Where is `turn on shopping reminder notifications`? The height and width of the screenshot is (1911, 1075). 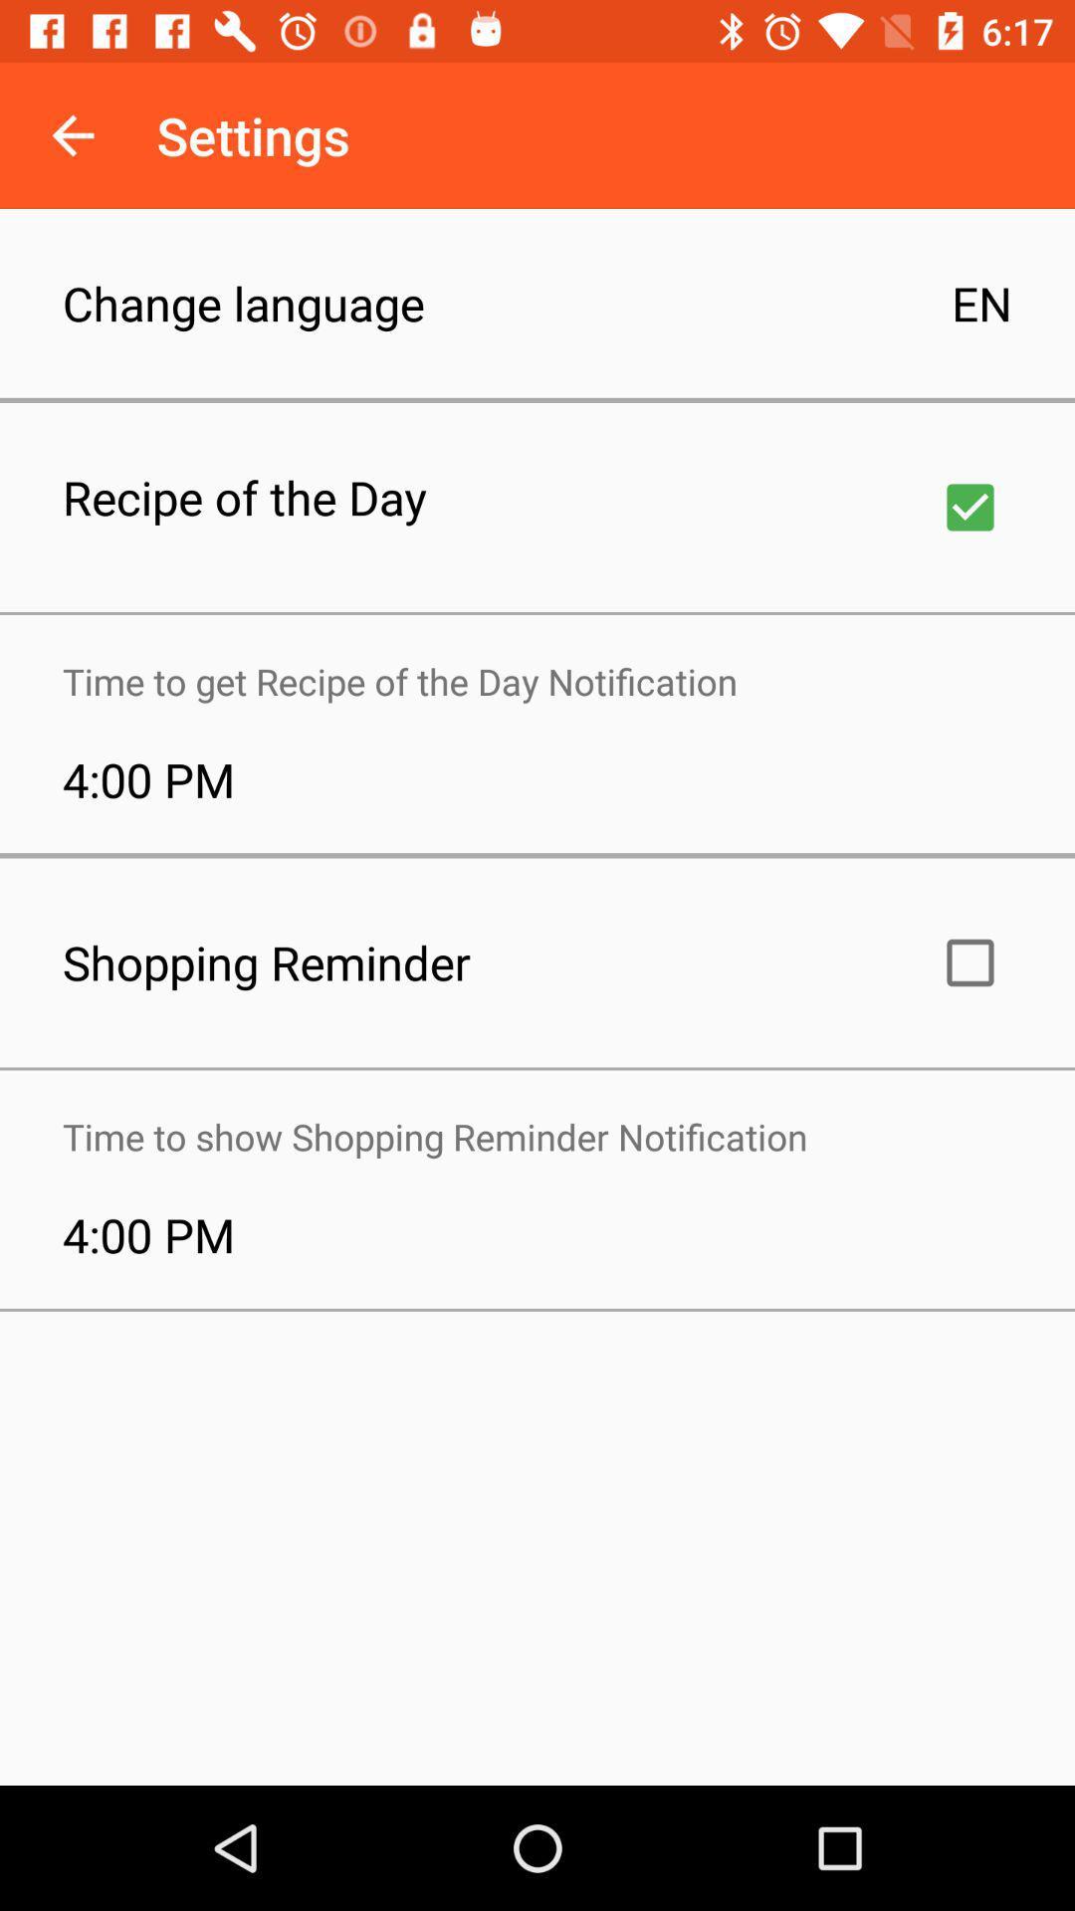 turn on shopping reminder notifications is located at coordinates (969, 962).